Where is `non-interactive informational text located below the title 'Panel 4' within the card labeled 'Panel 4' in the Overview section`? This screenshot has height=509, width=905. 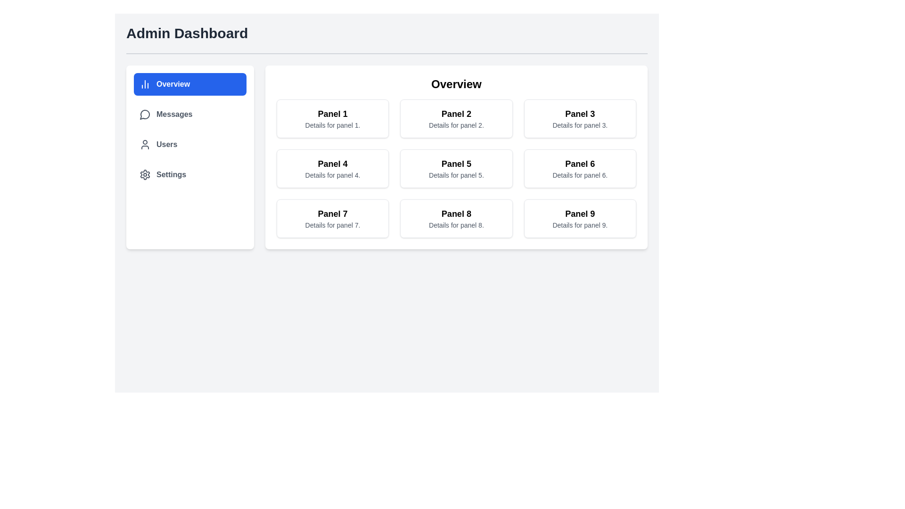
non-interactive informational text located below the title 'Panel 4' within the card labeled 'Panel 4' in the Overview section is located at coordinates (332, 175).